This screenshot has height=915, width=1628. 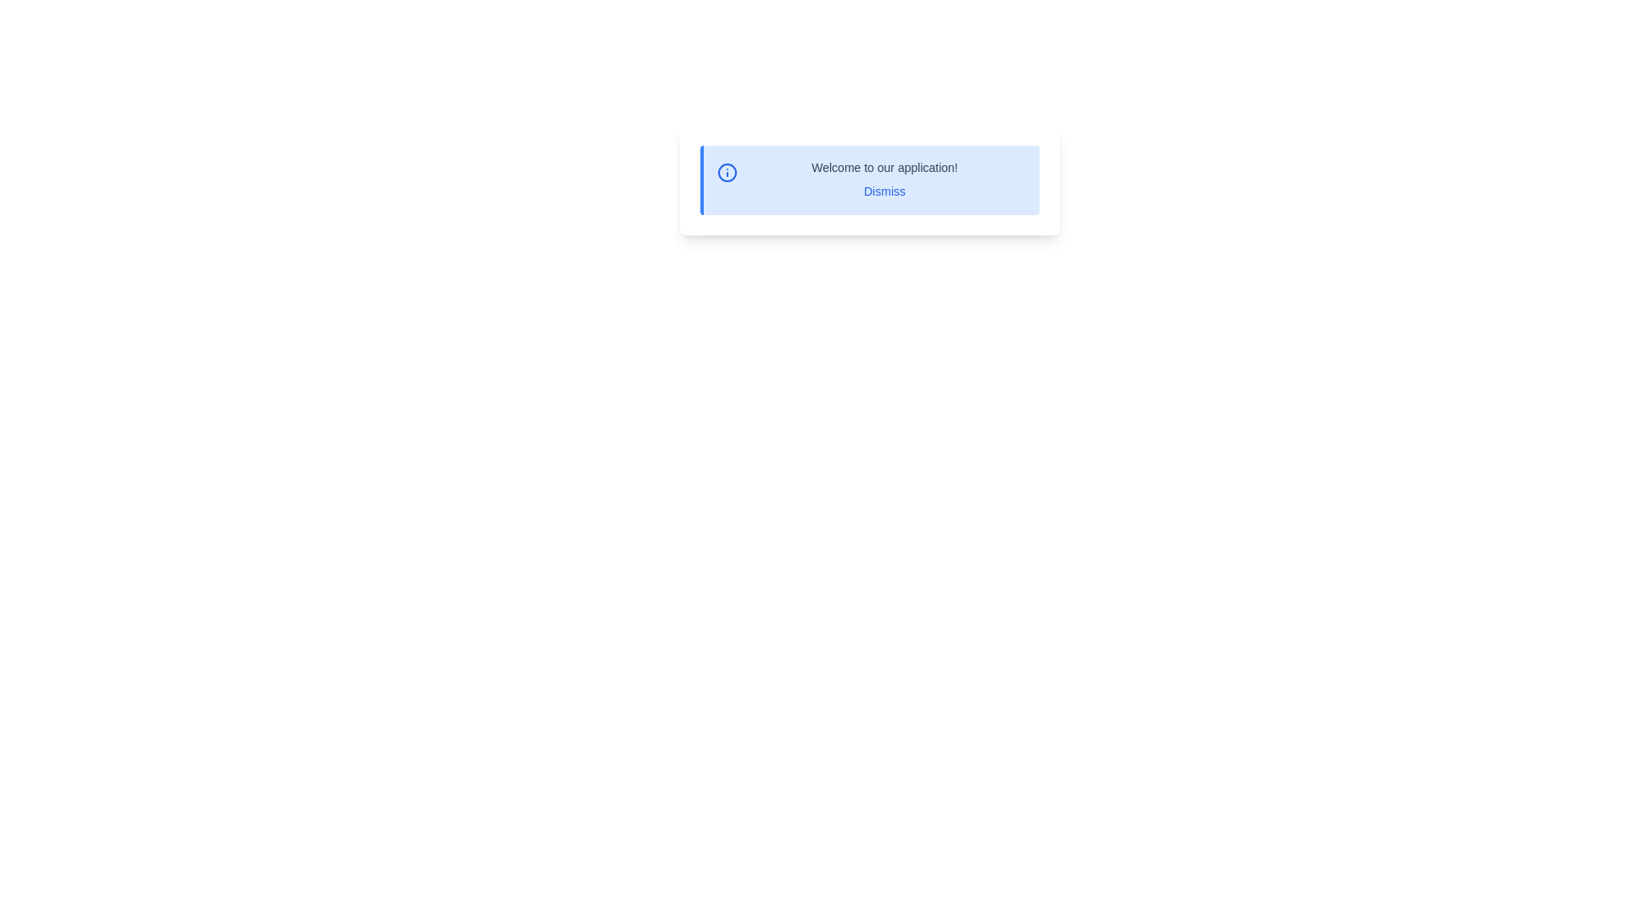 I want to click on the Notification box that contains informational text and a dismiss option to observe potential effects, so click(x=869, y=180).